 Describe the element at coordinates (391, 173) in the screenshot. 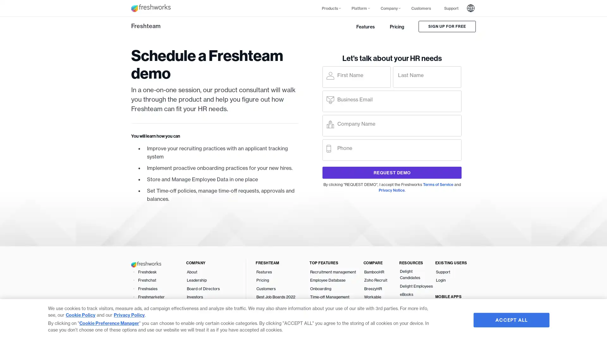

I see `Request Demo` at that location.